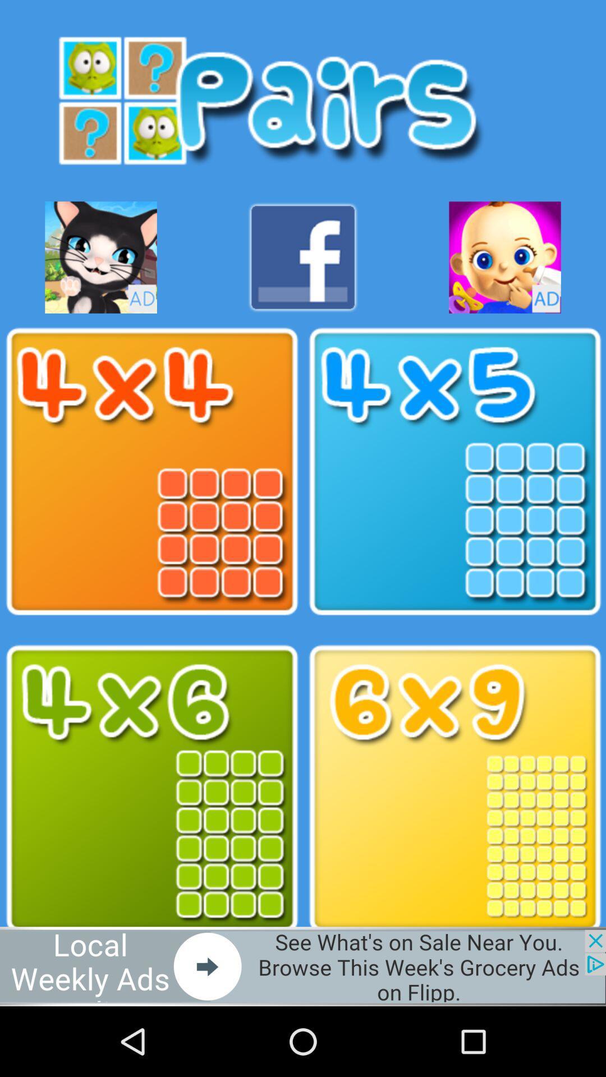 Image resolution: width=606 pixels, height=1077 pixels. Describe the element at coordinates (151, 472) in the screenshot. I see `click the square` at that location.